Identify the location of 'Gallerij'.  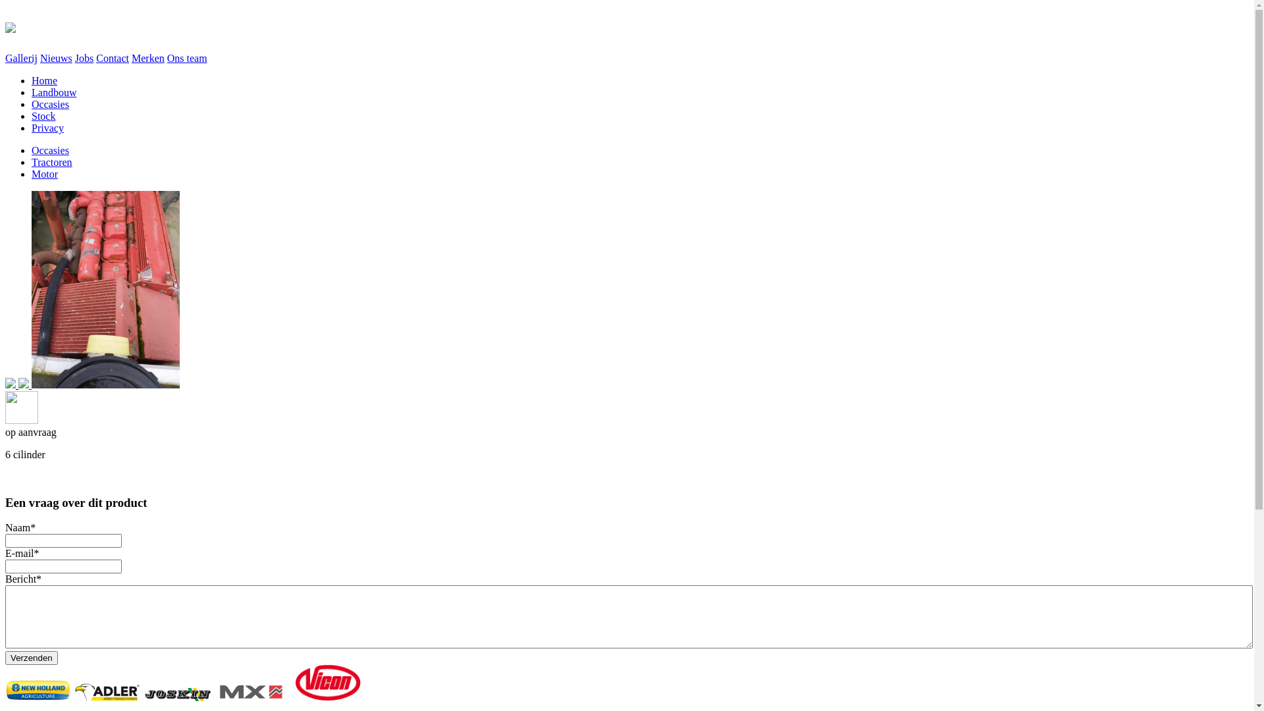
(21, 57).